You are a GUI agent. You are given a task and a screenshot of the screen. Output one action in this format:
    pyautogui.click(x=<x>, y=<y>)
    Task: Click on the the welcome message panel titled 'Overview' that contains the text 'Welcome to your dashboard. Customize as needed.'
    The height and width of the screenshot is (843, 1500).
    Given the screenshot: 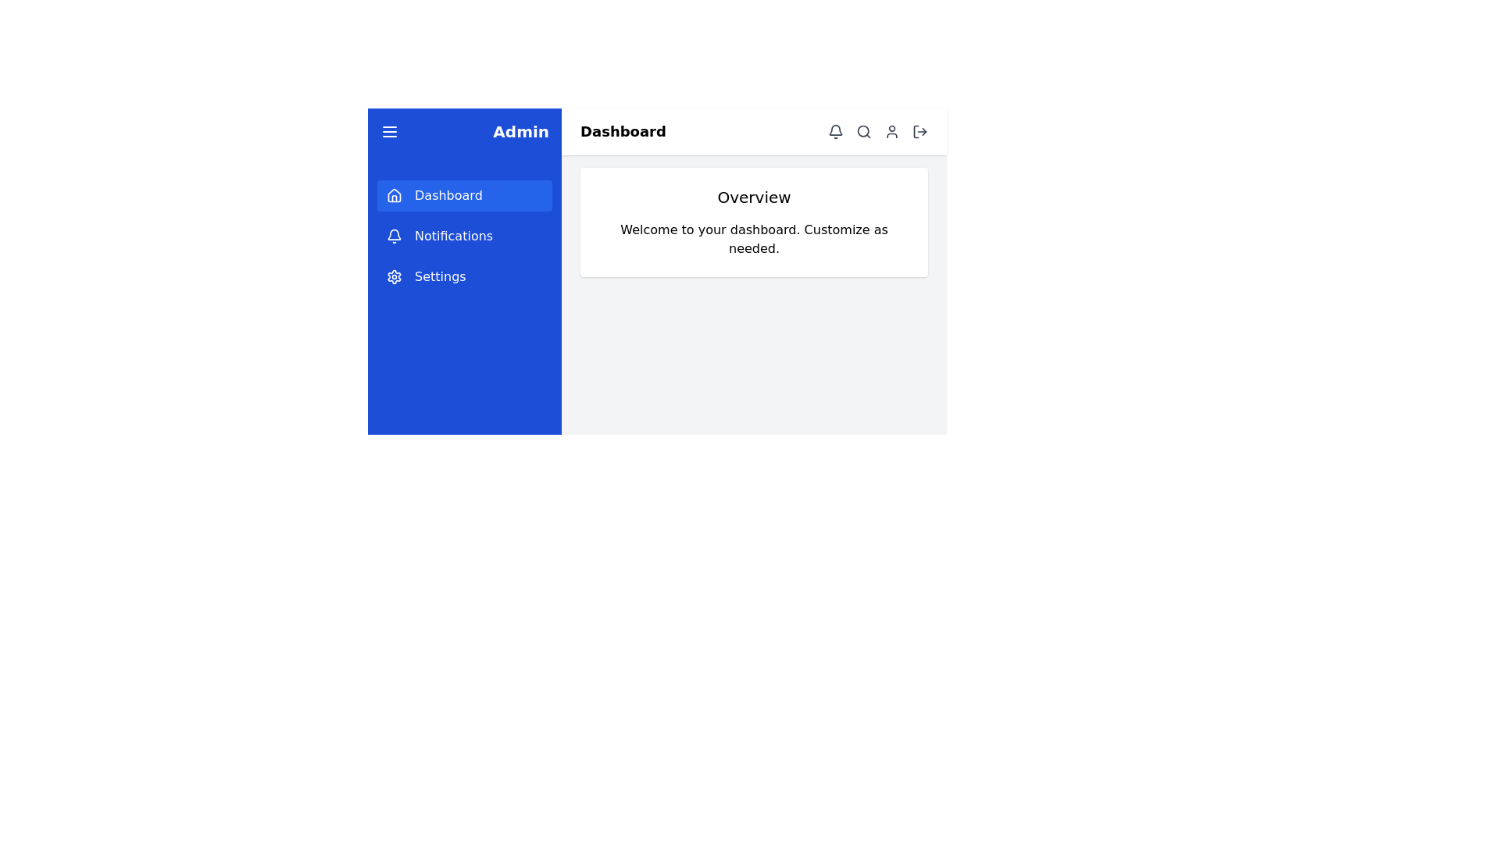 What is the action you would take?
    pyautogui.click(x=754, y=222)
    